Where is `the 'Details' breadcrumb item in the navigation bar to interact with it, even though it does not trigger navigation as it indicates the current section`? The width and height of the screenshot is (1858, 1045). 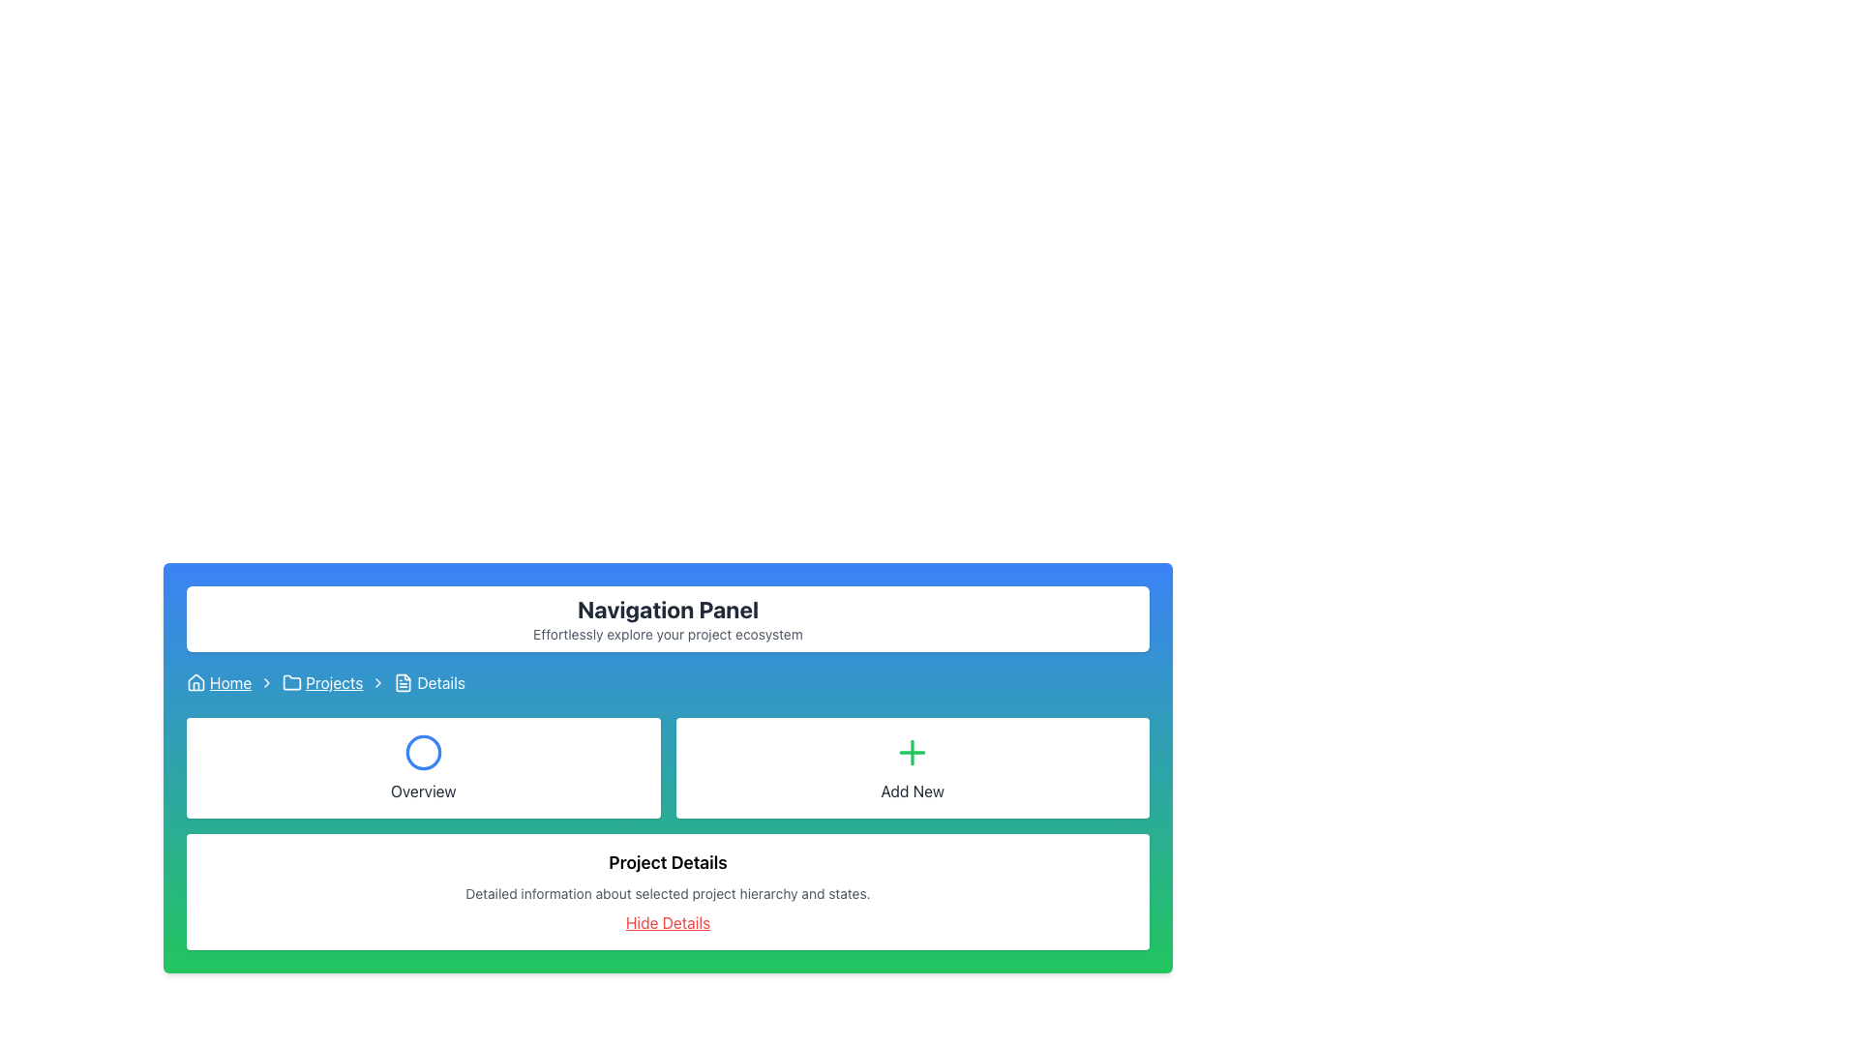
the 'Details' breadcrumb item in the navigation bar to interact with it, even though it does not trigger navigation as it indicates the current section is located at coordinates (429, 681).